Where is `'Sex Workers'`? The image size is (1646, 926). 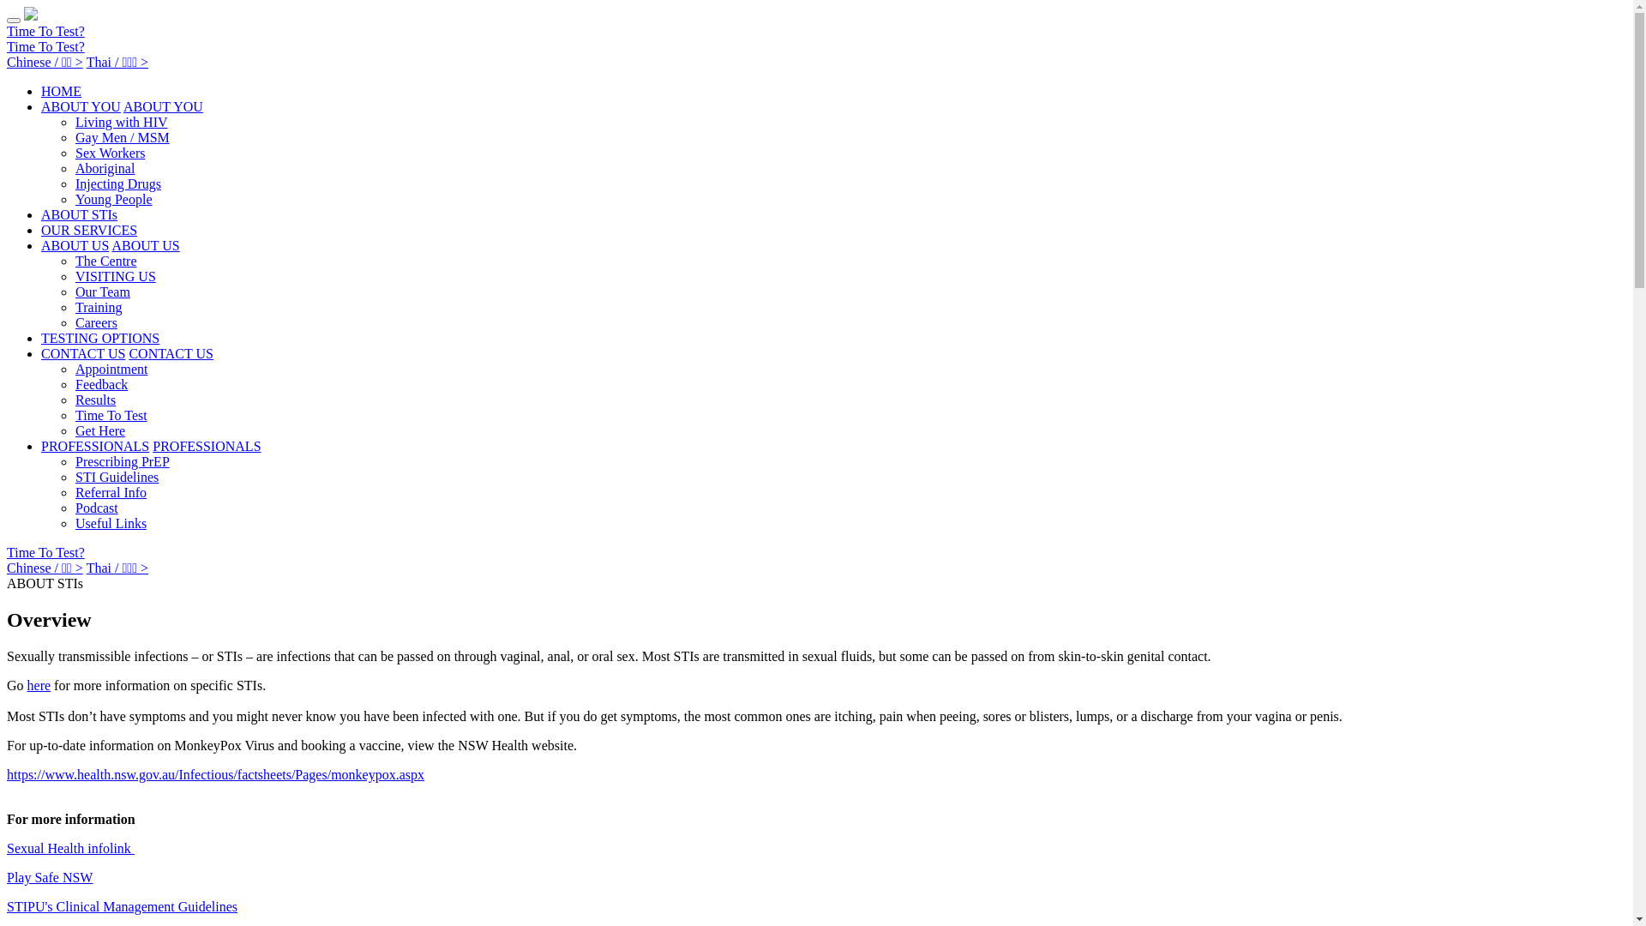
'Sex Workers' is located at coordinates (110, 152).